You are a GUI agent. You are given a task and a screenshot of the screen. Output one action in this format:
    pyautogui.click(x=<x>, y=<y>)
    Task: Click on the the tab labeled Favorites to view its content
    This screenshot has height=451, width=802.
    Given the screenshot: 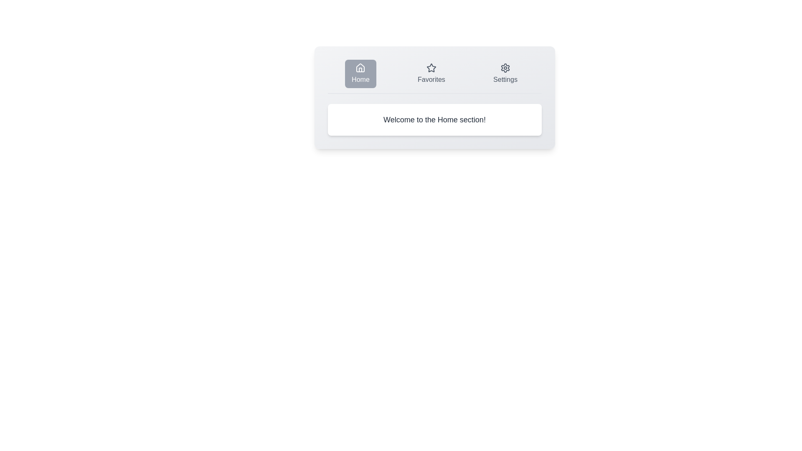 What is the action you would take?
    pyautogui.click(x=431, y=73)
    